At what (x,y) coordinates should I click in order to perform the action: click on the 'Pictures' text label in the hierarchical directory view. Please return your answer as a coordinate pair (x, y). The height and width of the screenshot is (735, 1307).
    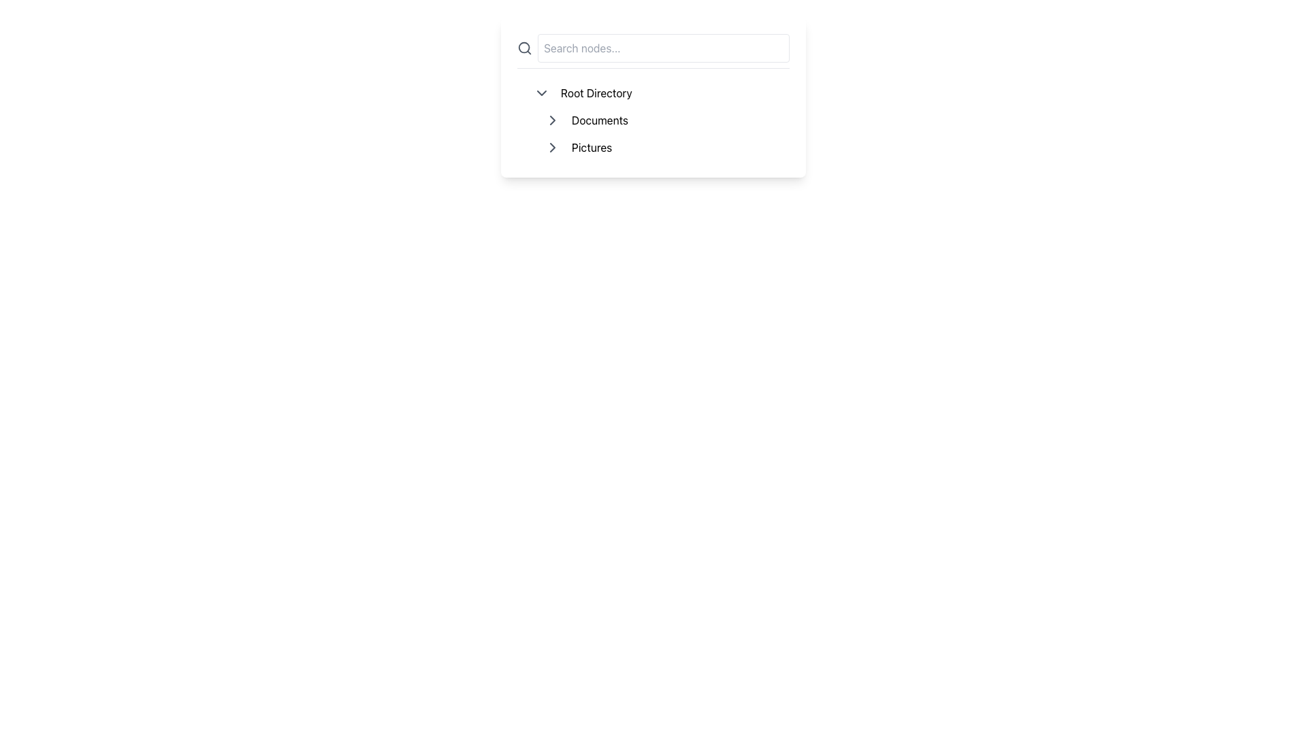
    Looking at the image, I should click on (592, 147).